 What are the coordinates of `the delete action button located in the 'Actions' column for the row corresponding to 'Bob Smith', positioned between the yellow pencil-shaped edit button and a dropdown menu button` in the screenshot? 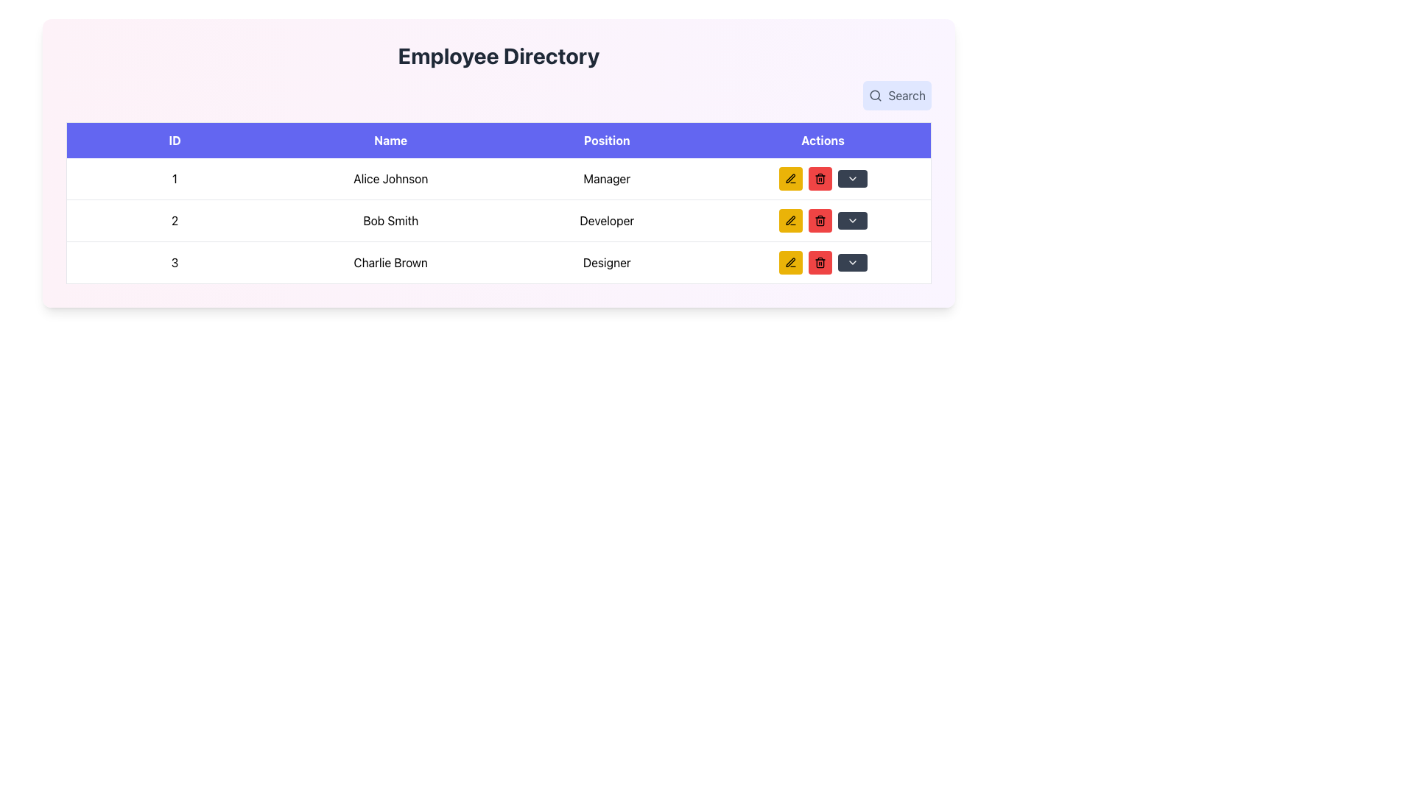 It's located at (819, 221).